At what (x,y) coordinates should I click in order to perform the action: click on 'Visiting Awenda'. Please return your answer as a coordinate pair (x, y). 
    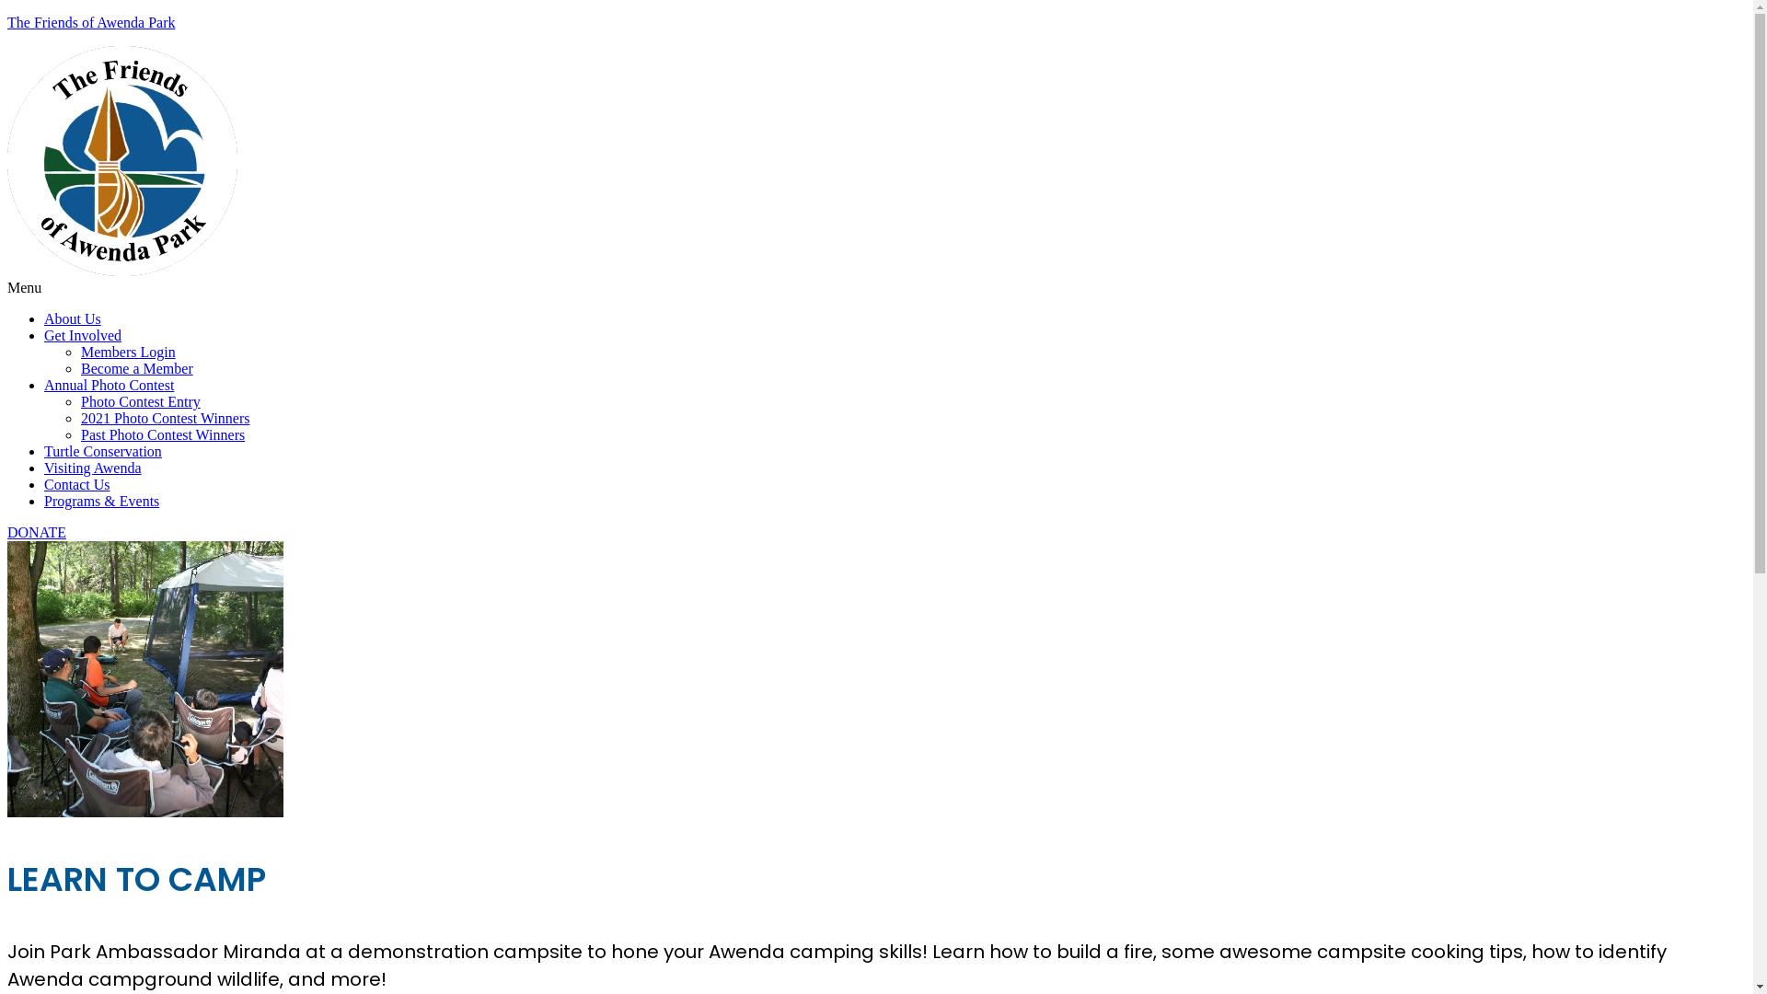
    Looking at the image, I should click on (91, 467).